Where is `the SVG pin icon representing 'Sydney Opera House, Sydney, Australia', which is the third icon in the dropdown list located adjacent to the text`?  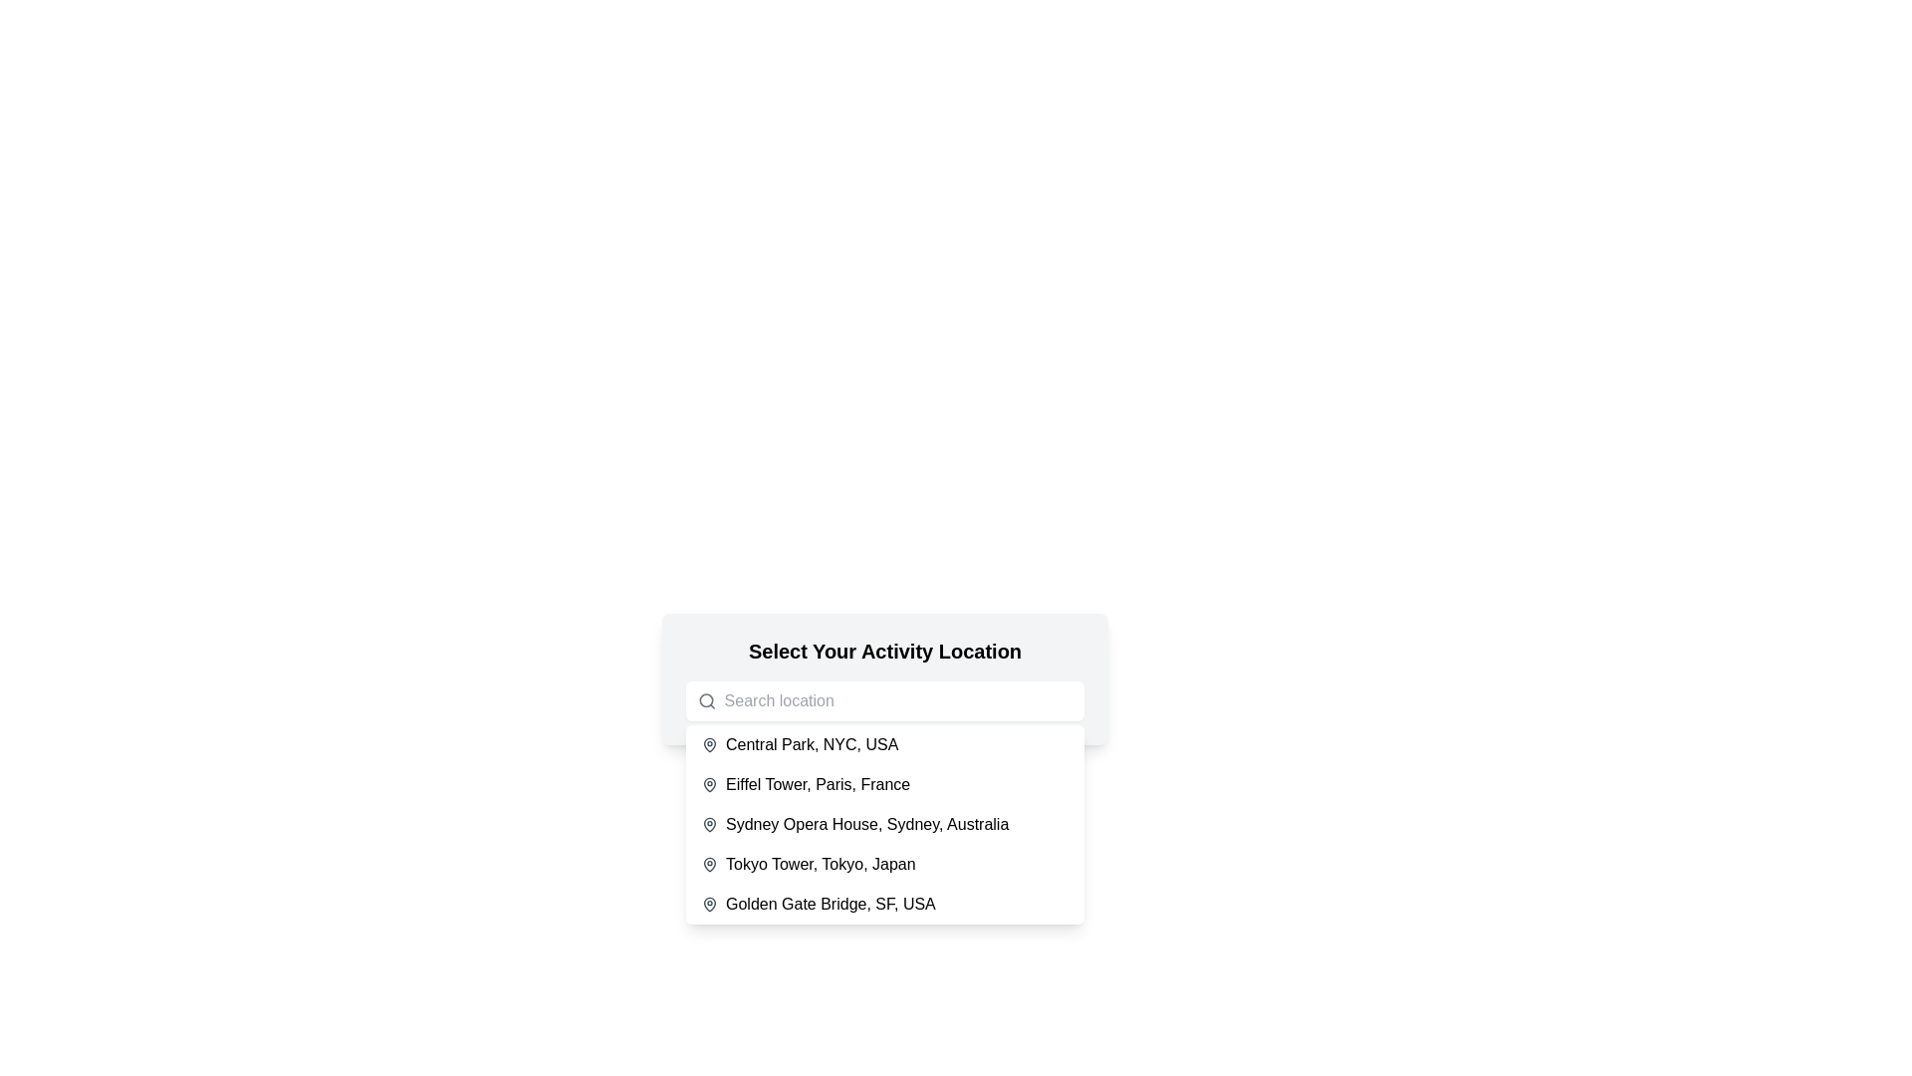
the SVG pin icon representing 'Sydney Opera House, Sydney, Australia', which is the third icon in the dropdown list located adjacent to the text is located at coordinates (710, 823).